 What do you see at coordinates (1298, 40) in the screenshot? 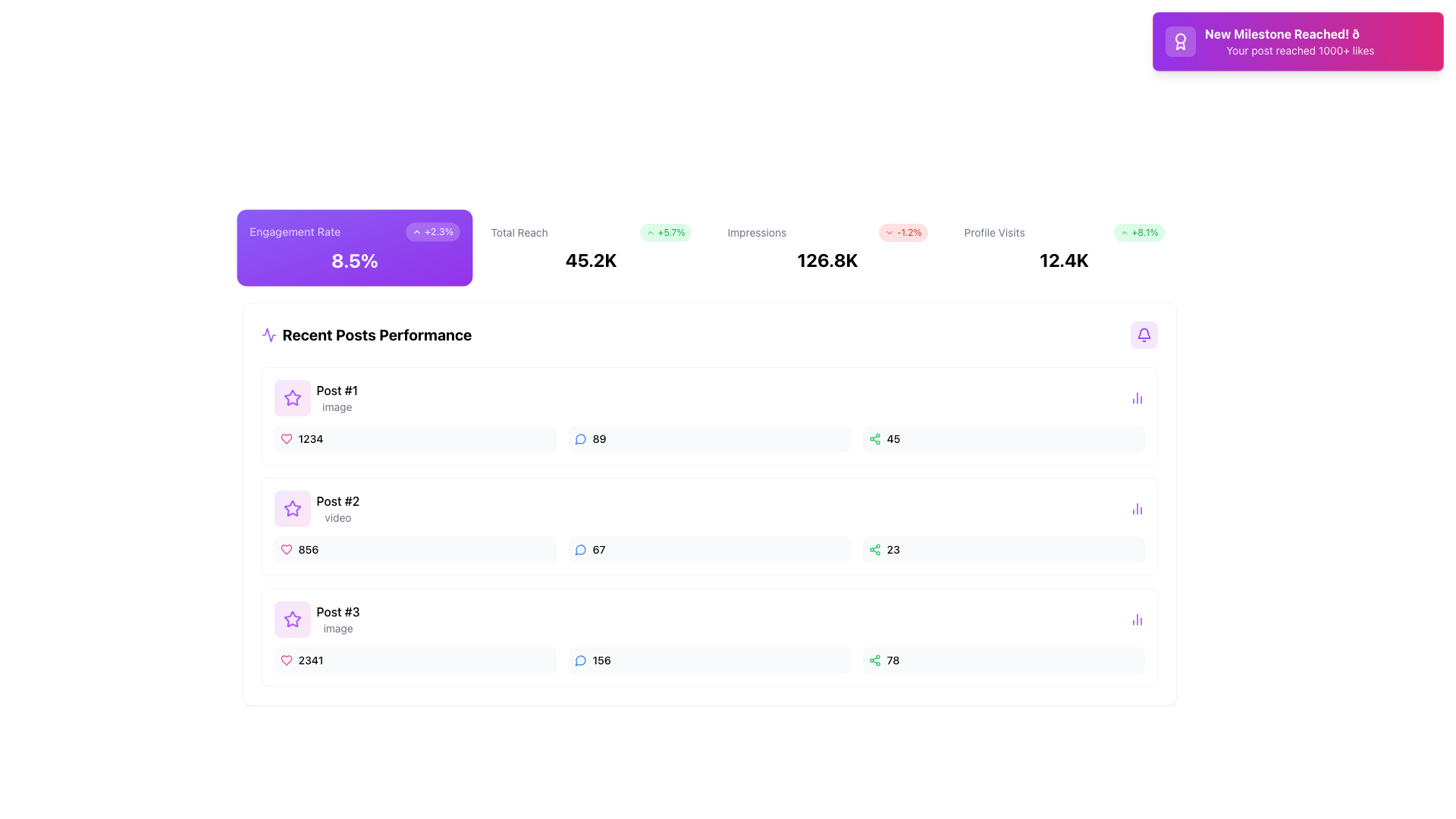
I see `notification text displayed in the notification banner indicating that a post has reached over 1000 likes, located at the top-right corner of the interface` at bounding box center [1298, 40].